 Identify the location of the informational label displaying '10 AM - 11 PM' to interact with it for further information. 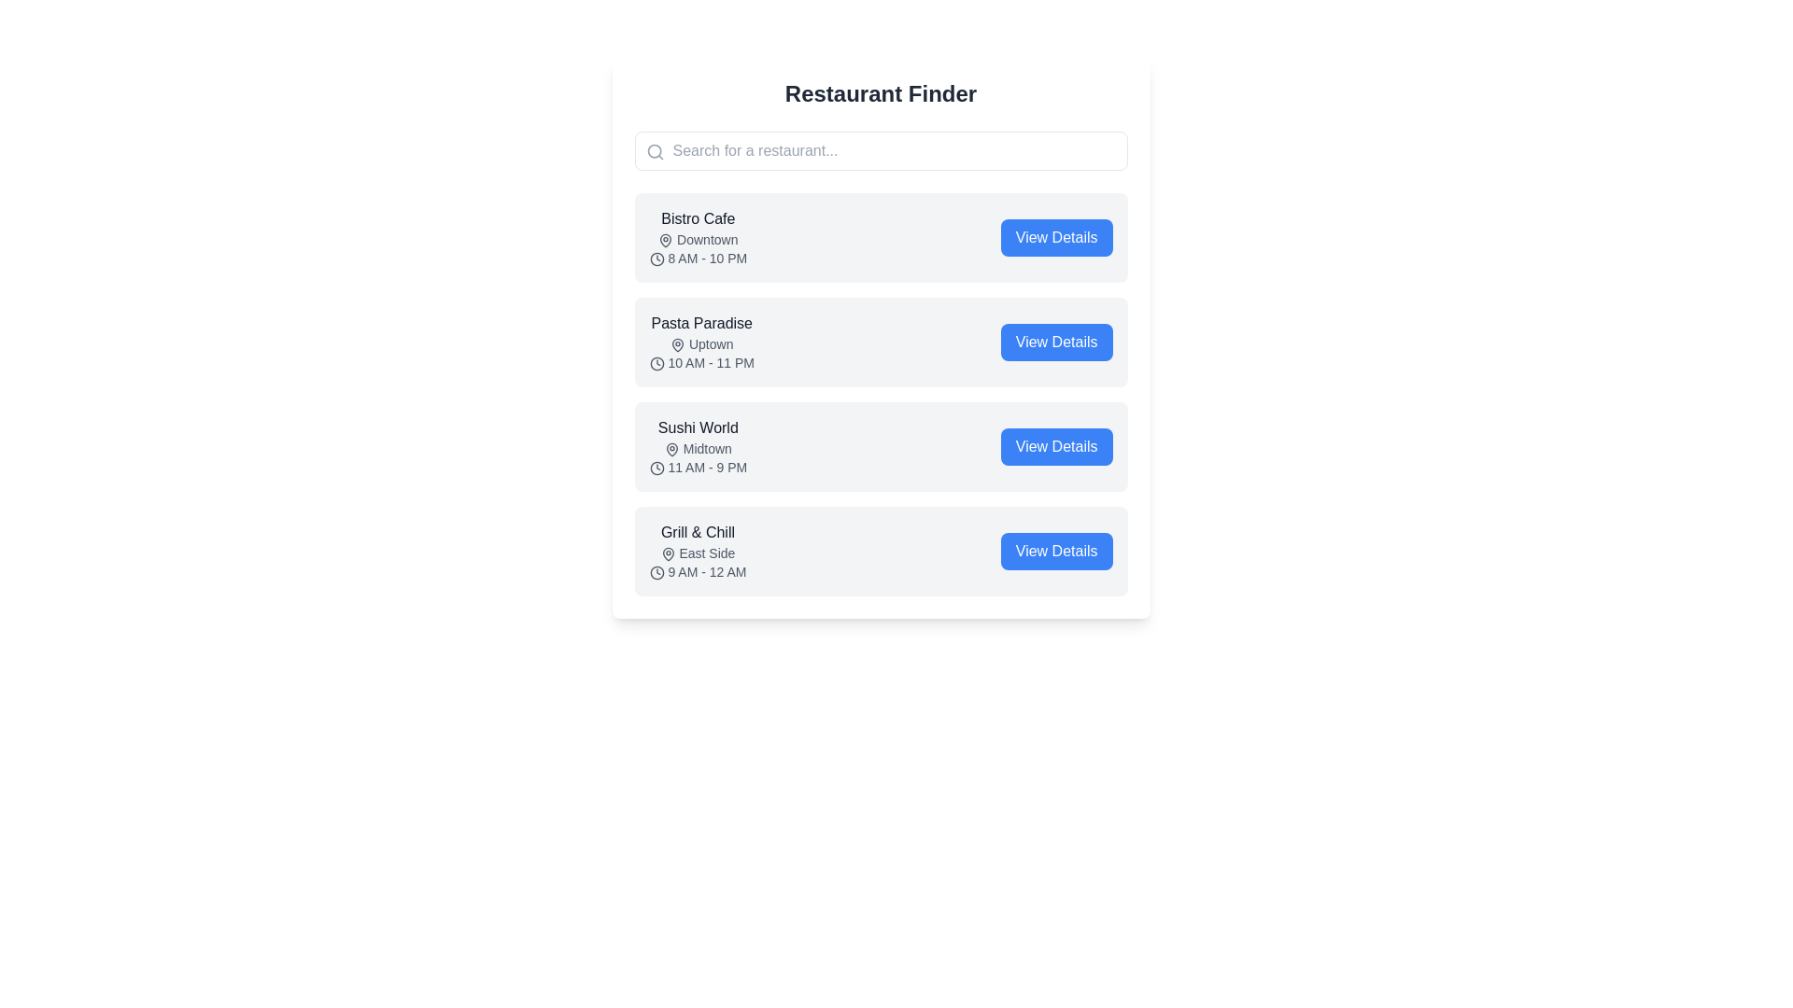
(700, 363).